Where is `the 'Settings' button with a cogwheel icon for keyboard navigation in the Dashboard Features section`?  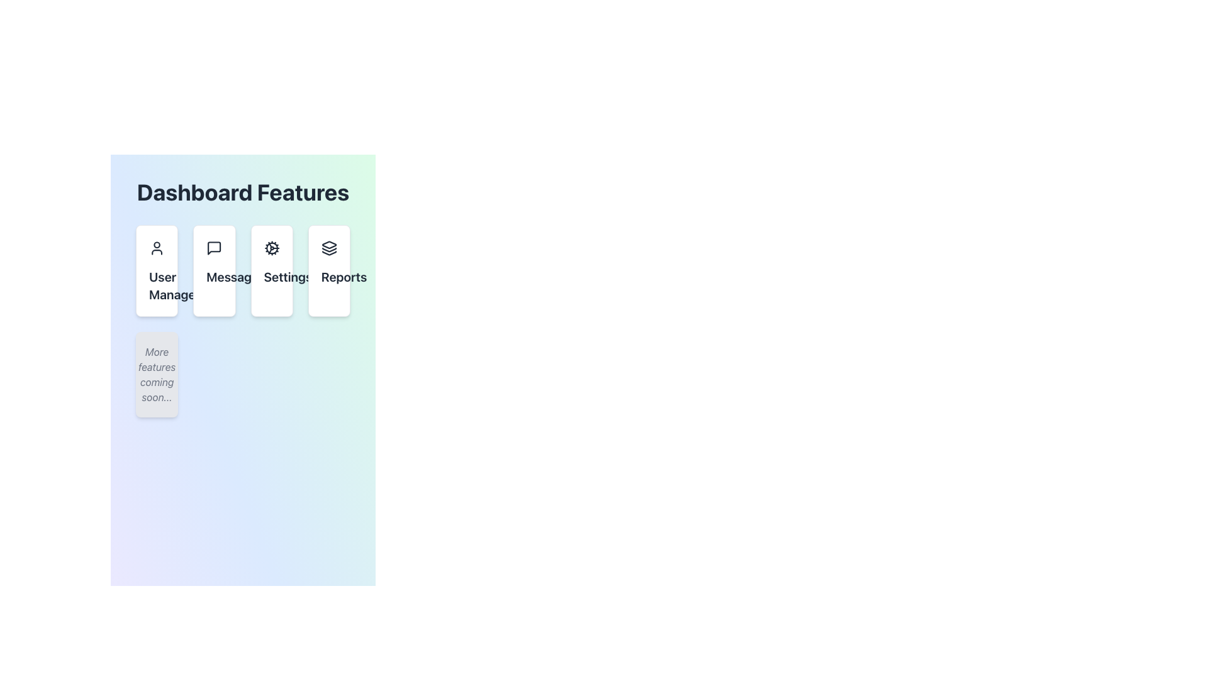 the 'Settings' button with a cogwheel icon for keyboard navigation in the Dashboard Features section is located at coordinates (271, 270).